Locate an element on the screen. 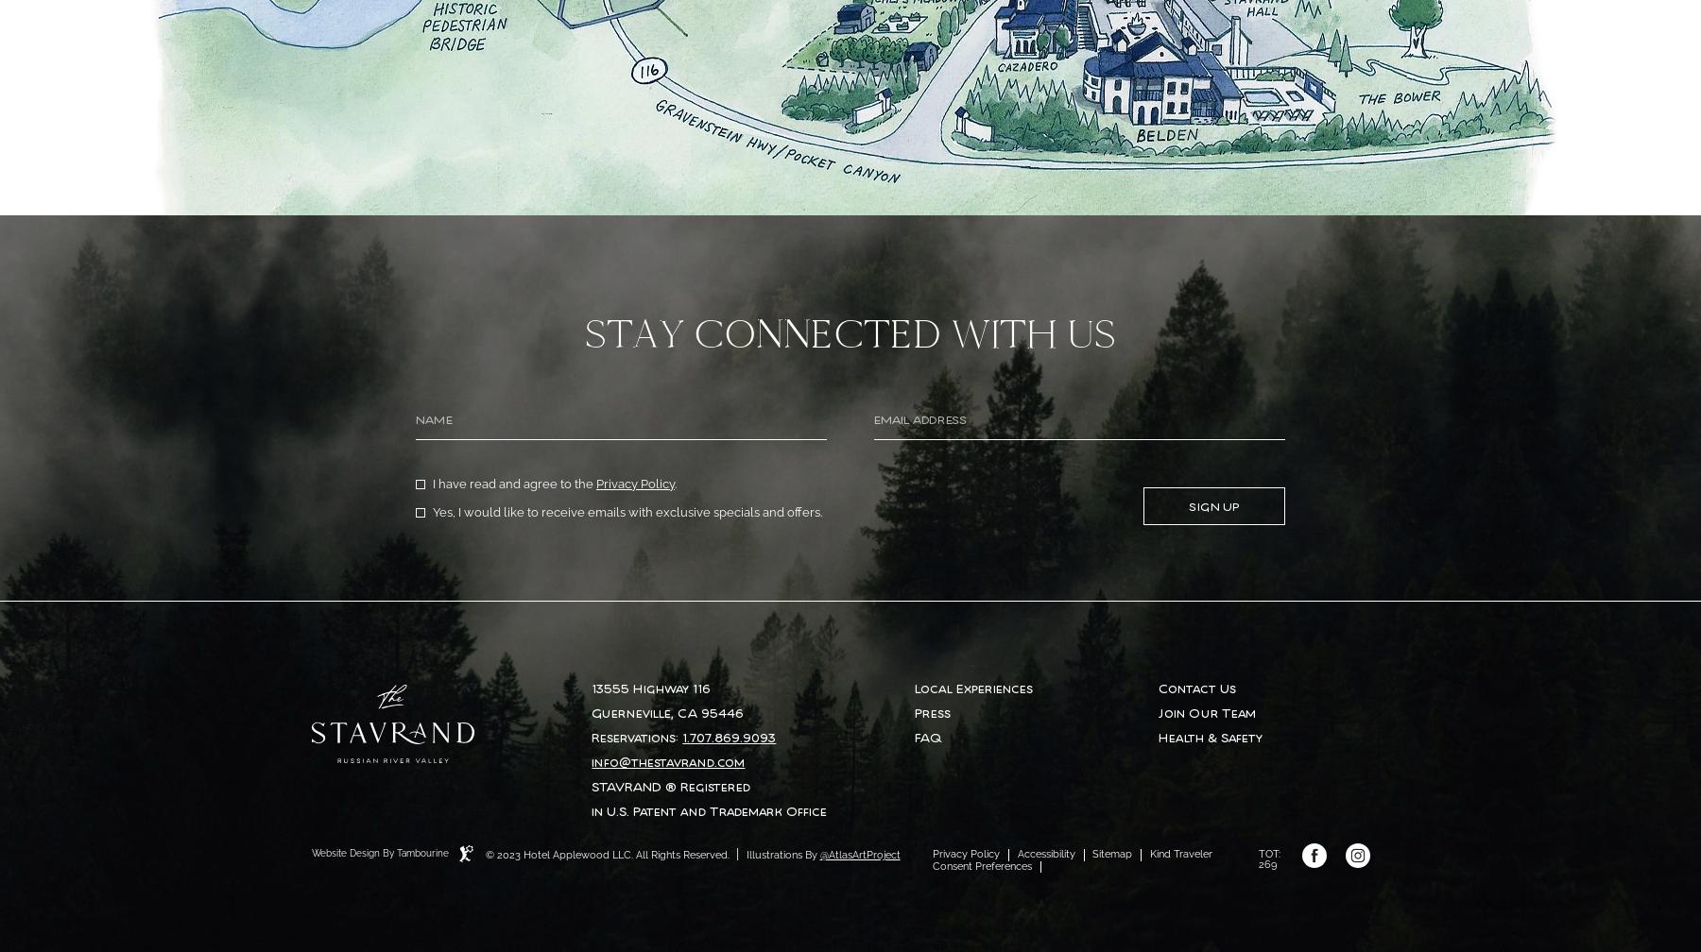 The width and height of the screenshot is (1701, 952). 'Sitemap' is located at coordinates (1111, 853).